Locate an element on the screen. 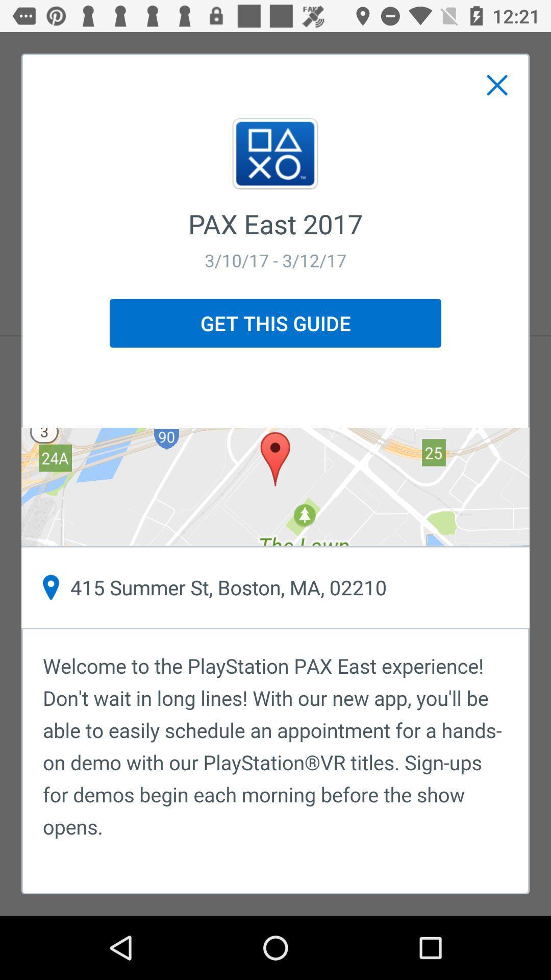 The width and height of the screenshot is (551, 980). the item below the get this guide item is located at coordinates (275, 486).